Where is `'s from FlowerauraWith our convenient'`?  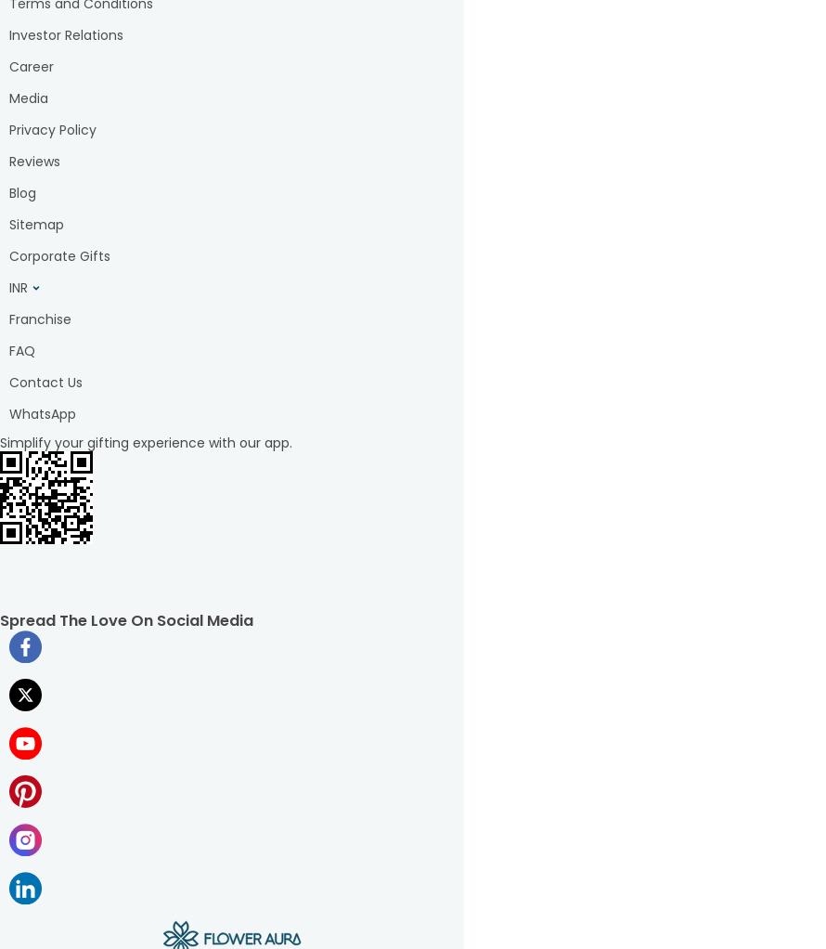 's from FlowerauraWith our convenient' is located at coordinates (8, 55).